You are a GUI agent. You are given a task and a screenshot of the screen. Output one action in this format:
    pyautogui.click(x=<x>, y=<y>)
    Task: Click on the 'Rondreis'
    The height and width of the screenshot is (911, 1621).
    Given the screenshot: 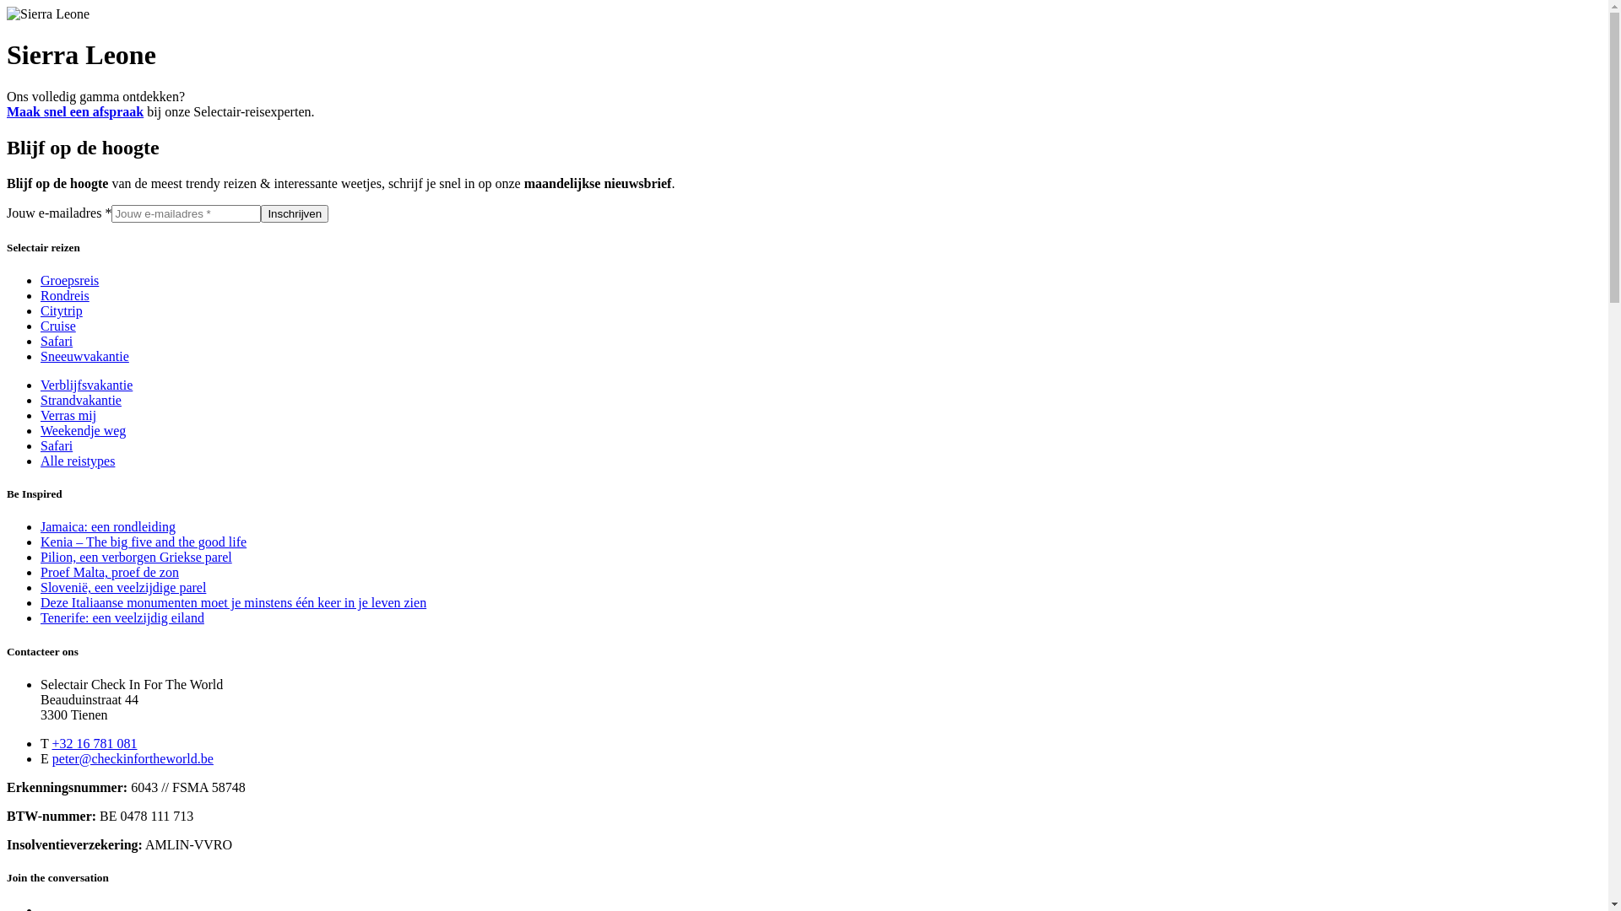 What is the action you would take?
    pyautogui.click(x=41, y=294)
    